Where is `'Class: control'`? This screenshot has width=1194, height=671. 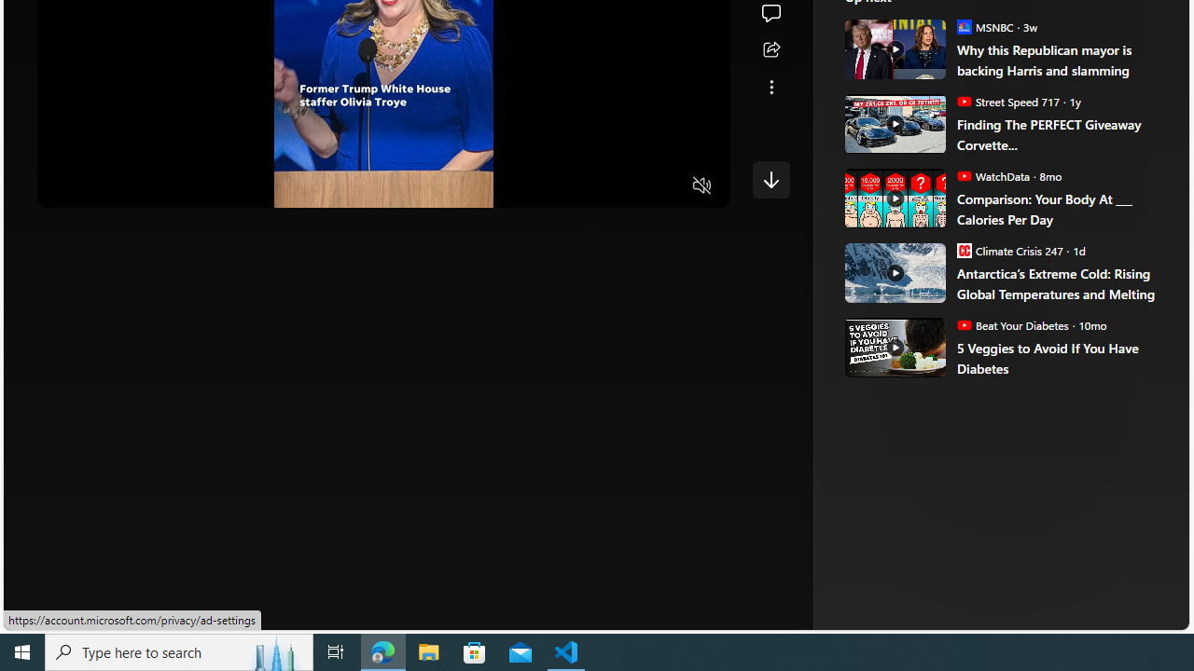
'Class: control' is located at coordinates (771, 179).